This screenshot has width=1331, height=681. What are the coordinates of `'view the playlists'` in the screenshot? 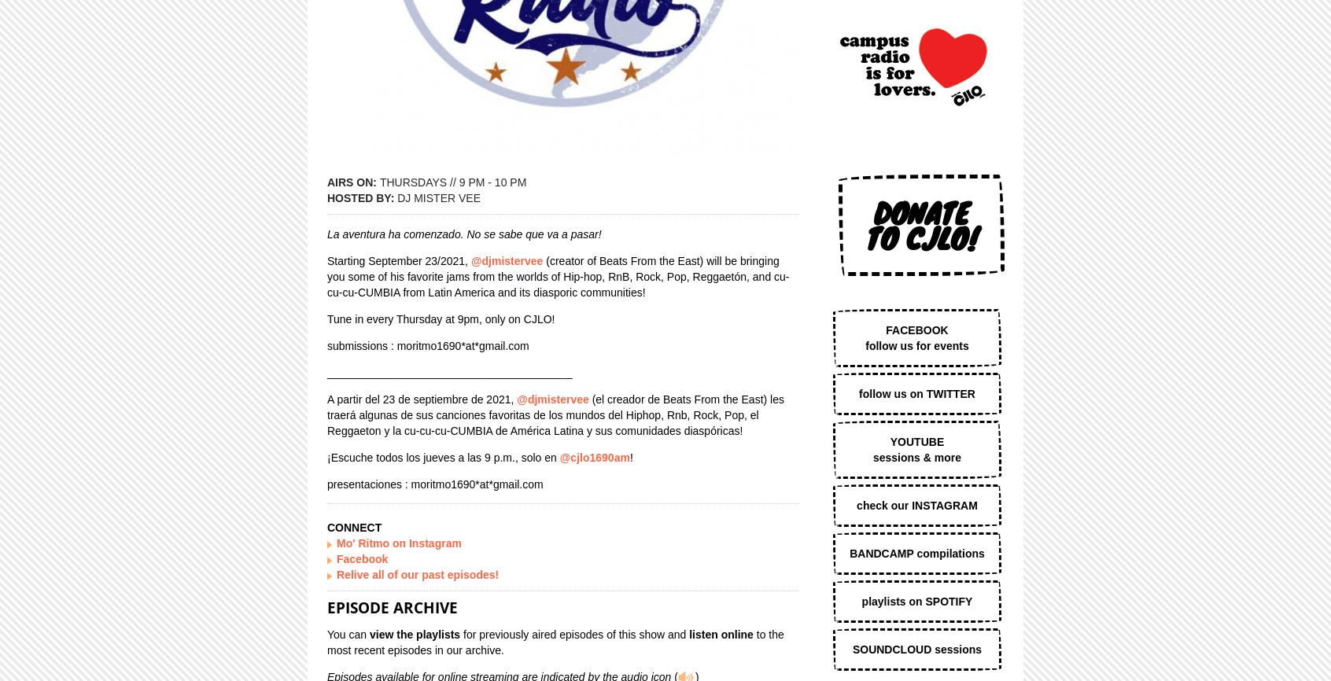 It's located at (368, 632).